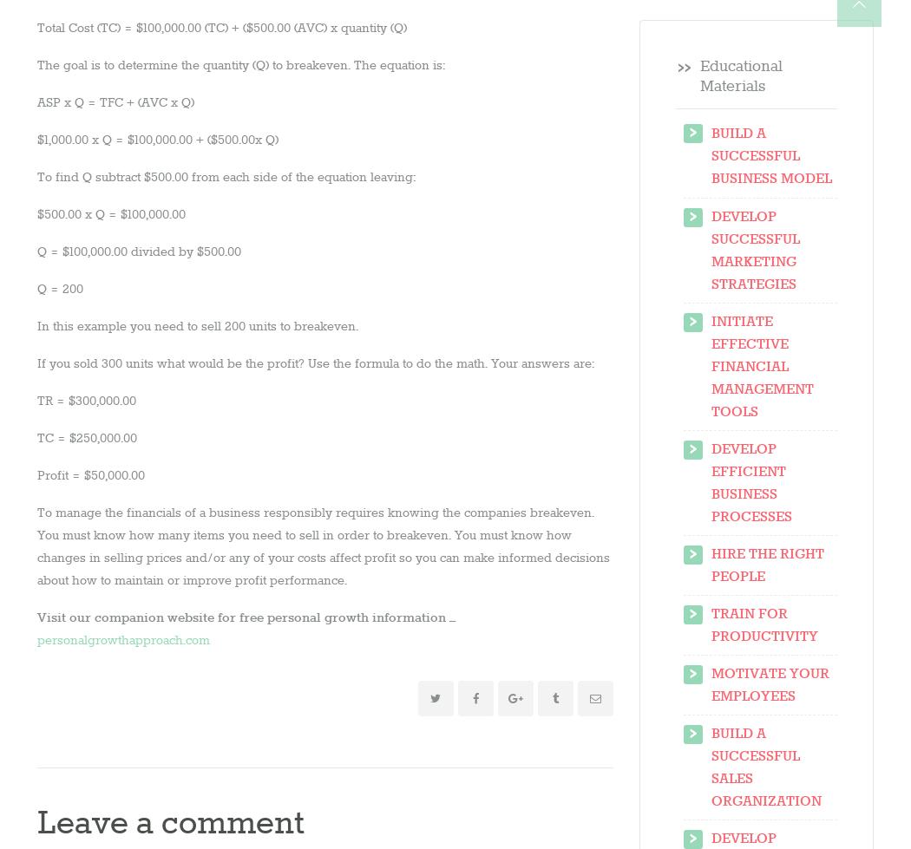  Describe the element at coordinates (226, 177) in the screenshot. I see `'To find Q subtract $500.00 from each side of the equation leaving:'` at that location.